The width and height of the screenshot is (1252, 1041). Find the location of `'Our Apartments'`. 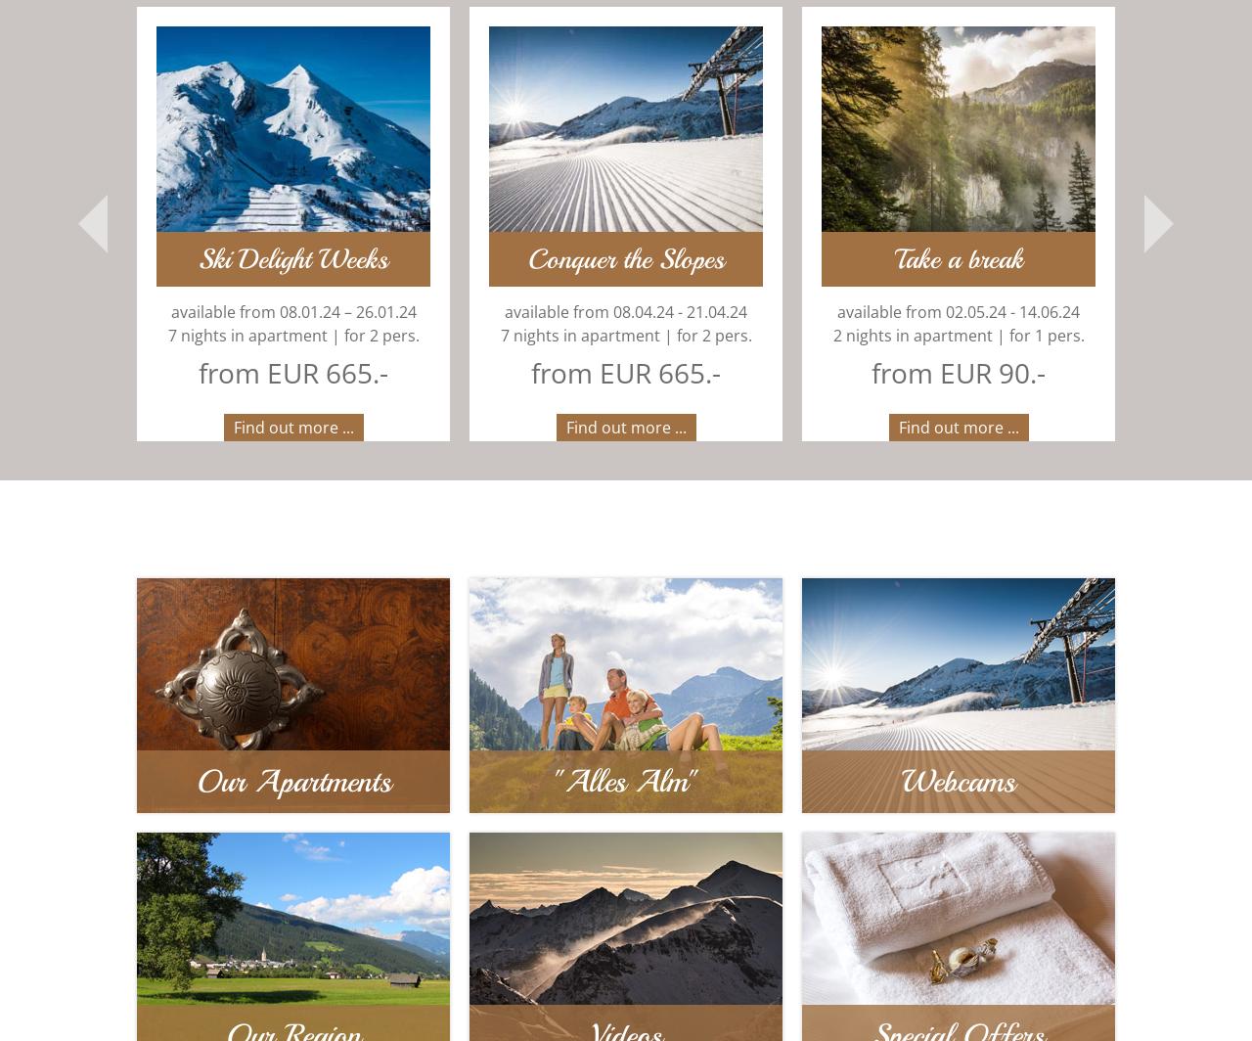

'Our Apartments' is located at coordinates (291, 783).